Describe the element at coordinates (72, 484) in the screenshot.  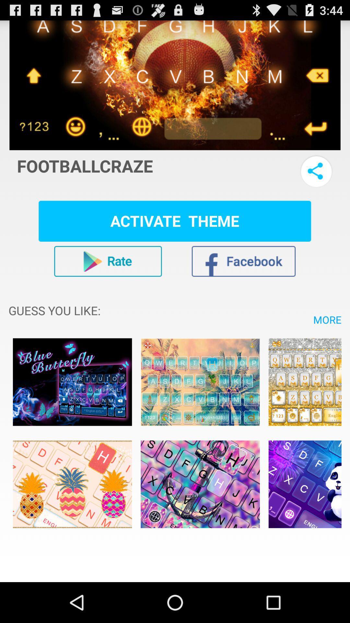
I see `picture of more option` at that location.